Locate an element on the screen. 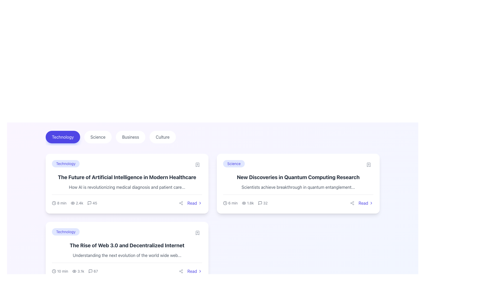  the circular part of the SVG icon located in the header of the card under the 'Technology' tab, specifically to the left of the text '8 min.' is located at coordinates (54, 203).